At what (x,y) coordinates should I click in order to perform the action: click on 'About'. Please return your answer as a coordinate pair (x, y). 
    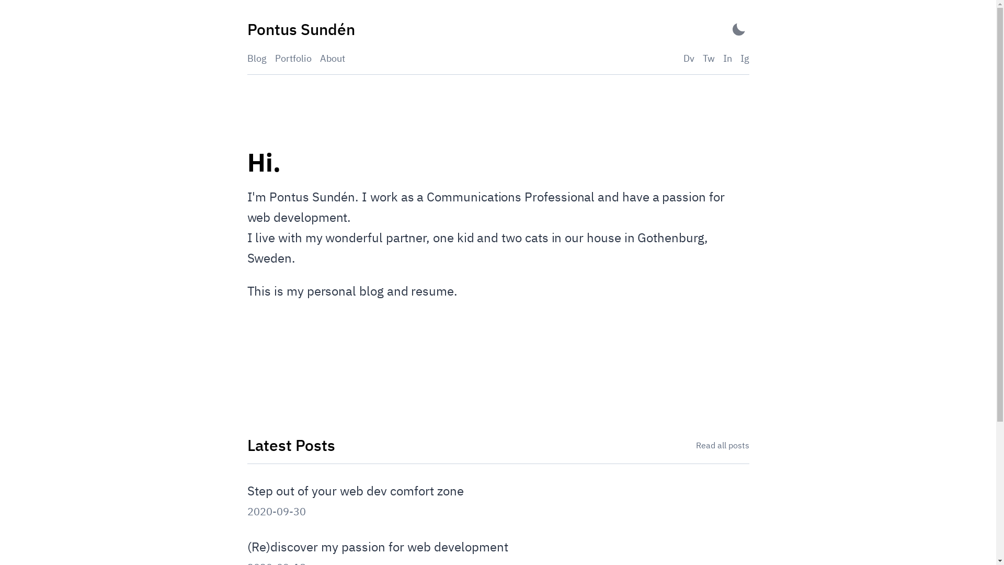
    Looking at the image, I should click on (332, 58).